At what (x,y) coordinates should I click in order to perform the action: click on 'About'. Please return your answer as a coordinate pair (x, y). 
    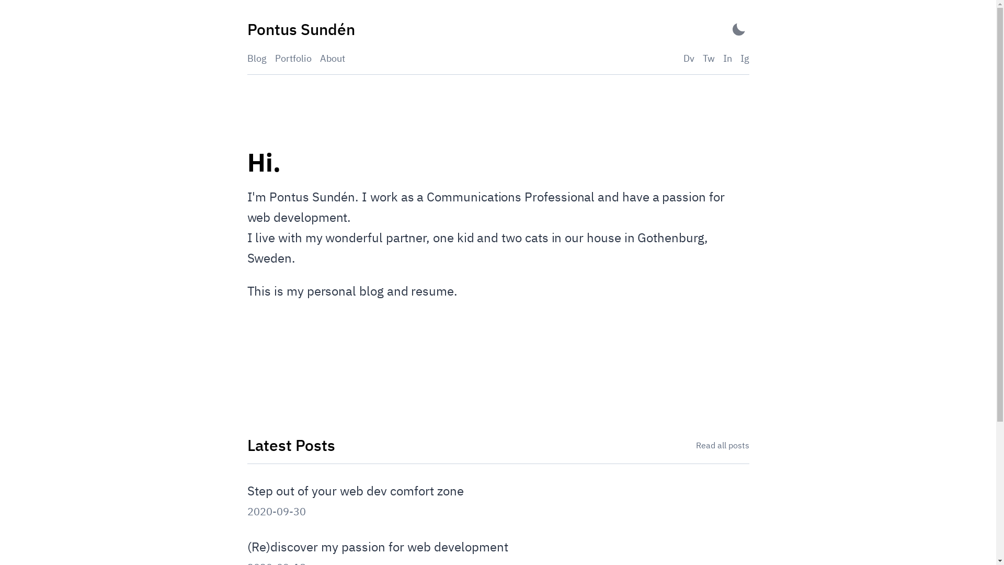
    Looking at the image, I should click on (332, 58).